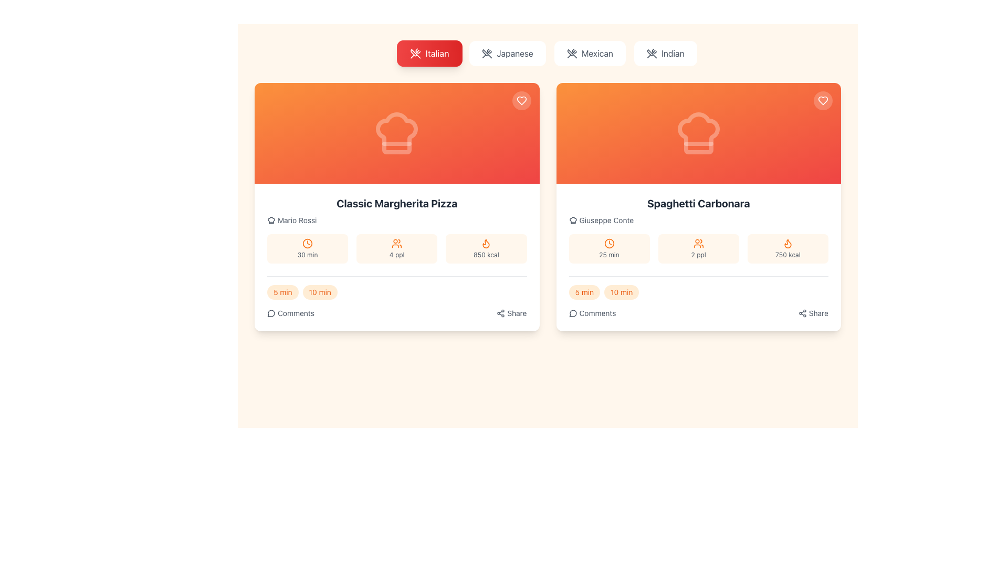  Describe the element at coordinates (429, 53) in the screenshot. I see `the red gradient button labeled 'Italian', which features a white icon of crossed utensils and displays the text 'Italian'` at that location.